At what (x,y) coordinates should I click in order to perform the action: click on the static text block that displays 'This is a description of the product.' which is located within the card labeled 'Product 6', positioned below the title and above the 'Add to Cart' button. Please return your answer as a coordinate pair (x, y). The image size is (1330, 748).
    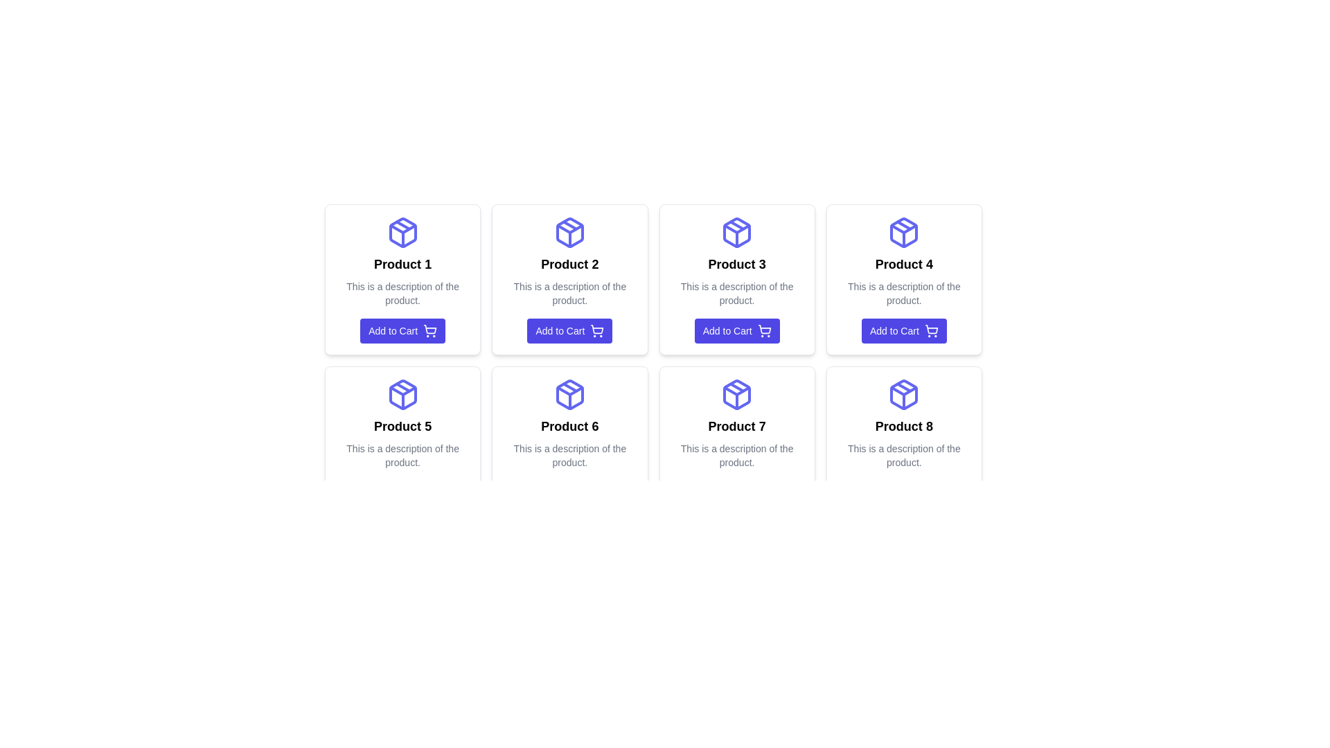
    Looking at the image, I should click on (569, 456).